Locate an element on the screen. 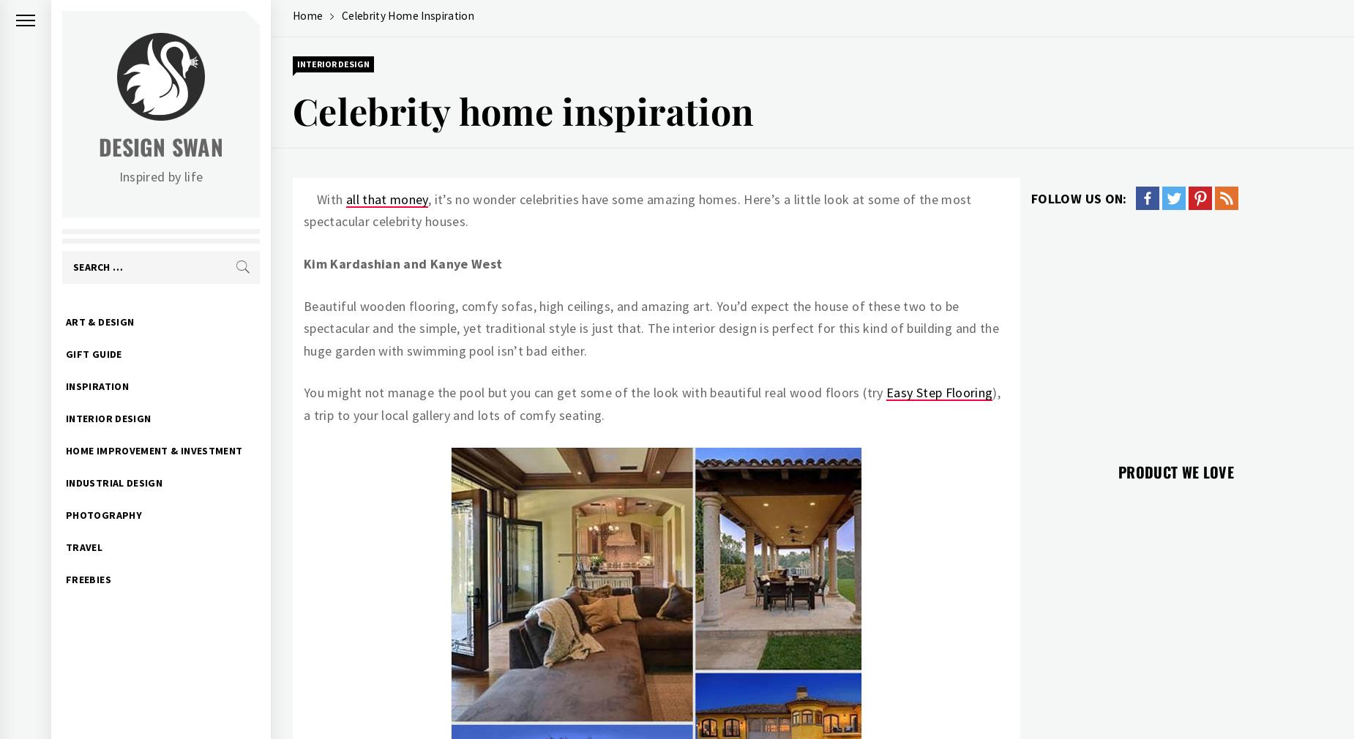 This screenshot has width=1354, height=739. '), a trip to your local gallery and lots of comfy seating.' is located at coordinates (651, 402).